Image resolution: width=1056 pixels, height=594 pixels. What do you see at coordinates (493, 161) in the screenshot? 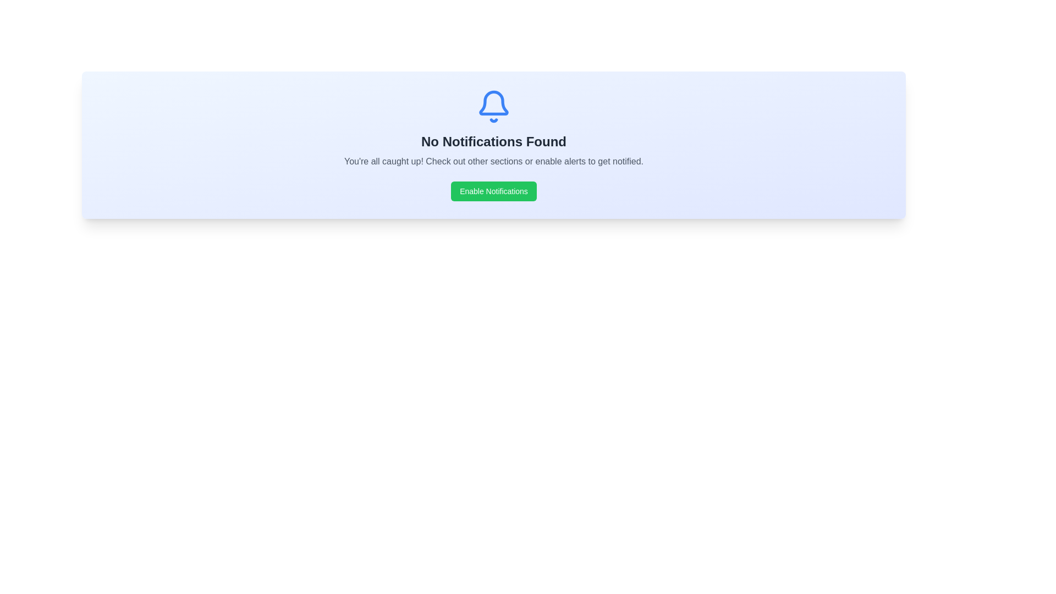
I see `the static text element that indicates there are no new notifications and suggests alternate actions, positioned below 'No Notifications Found' and above the 'Enable Notifications' button` at bounding box center [493, 161].